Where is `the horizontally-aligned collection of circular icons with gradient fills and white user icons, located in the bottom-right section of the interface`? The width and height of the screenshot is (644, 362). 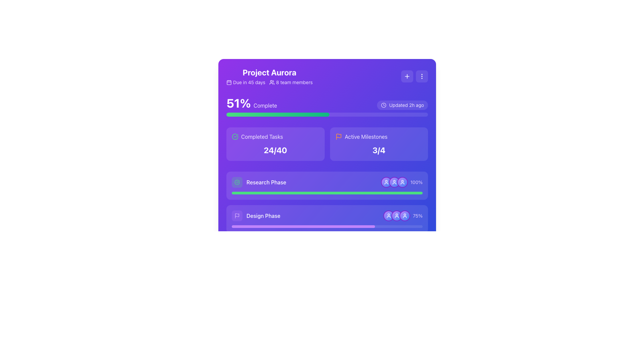
the horizontally-aligned collection of circular icons with gradient fills and white user icons, located in the bottom-right section of the interface is located at coordinates (399, 283).